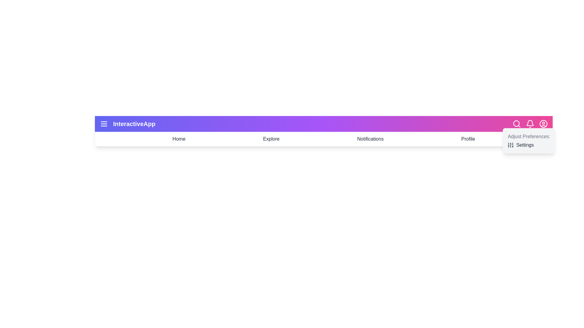 The height and width of the screenshot is (328, 584). What do you see at coordinates (530, 124) in the screenshot?
I see `the bell icon to access notification options` at bounding box center [530, 124].